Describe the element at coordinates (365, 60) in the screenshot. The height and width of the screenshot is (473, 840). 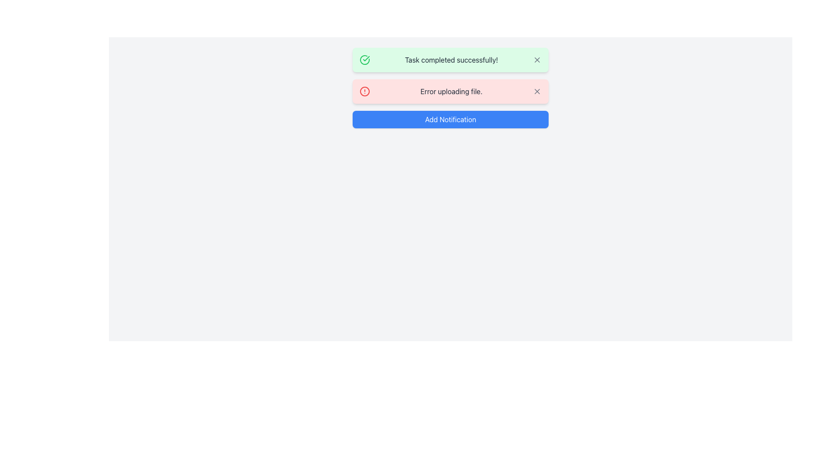
I see `the circular green checkmark icon located at the far left of the green notification banner that indicates 'Task completed successfully!'` at that location.